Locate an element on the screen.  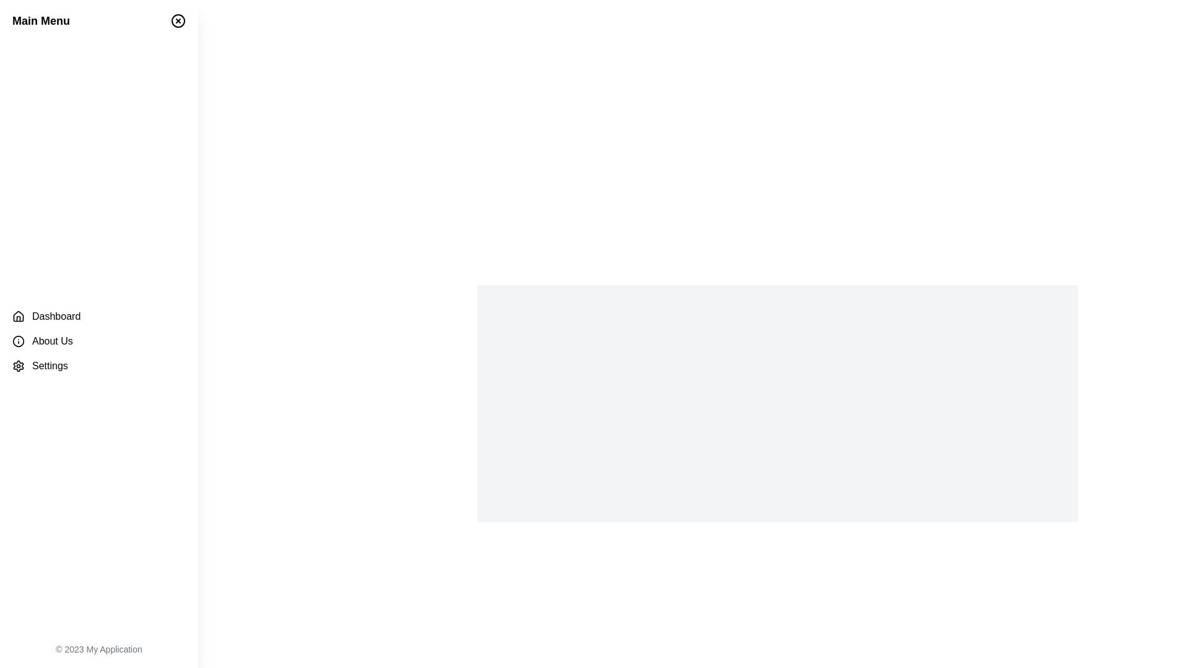
the circular component of the close or cancel action icon located in the top-right of the interface is located at coordinates (178, 21).